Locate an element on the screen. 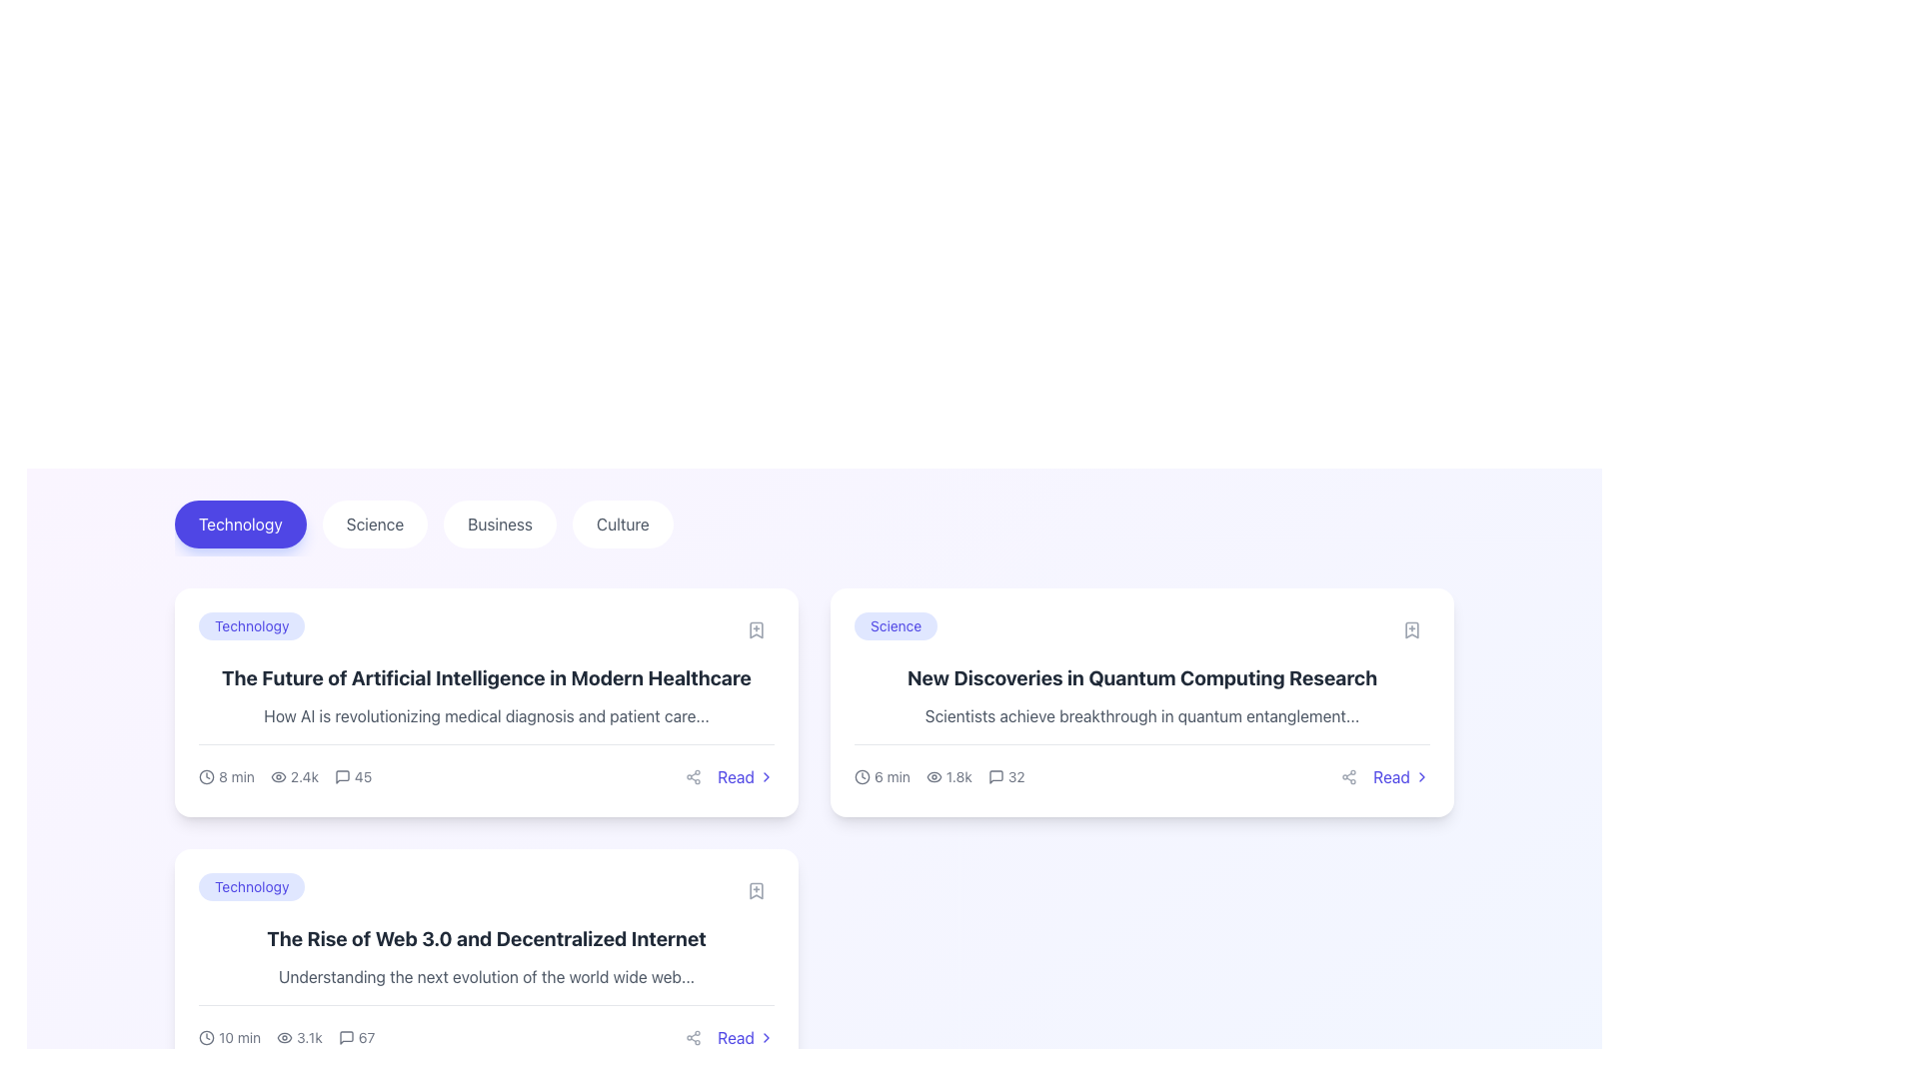 This screenshot has height=1079, width=1919. the third button from the left in the horizontal row of category buttons is located at coordinates (500, 523).